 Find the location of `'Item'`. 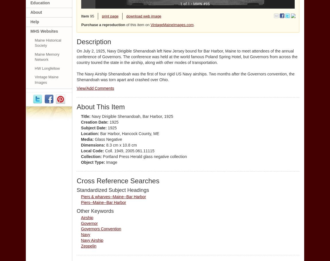

'Item' is located at coordinates (85, 16).